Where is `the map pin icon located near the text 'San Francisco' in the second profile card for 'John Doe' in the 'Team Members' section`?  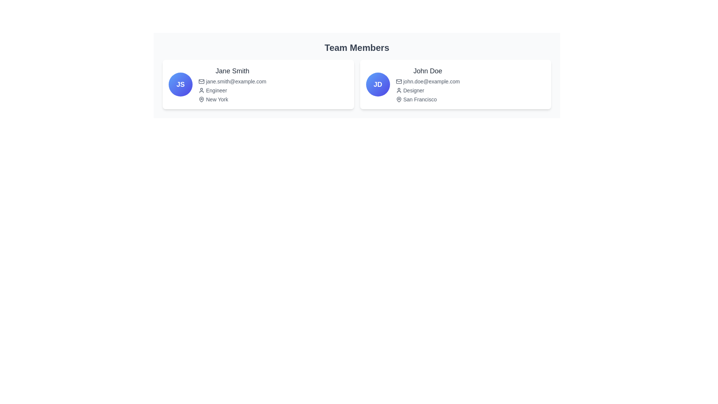 the map pin icon located near the text 'San Francisco' in the second profile card for 'John Doe' in the 'Team Members' section is located at coordinates (398, 99).